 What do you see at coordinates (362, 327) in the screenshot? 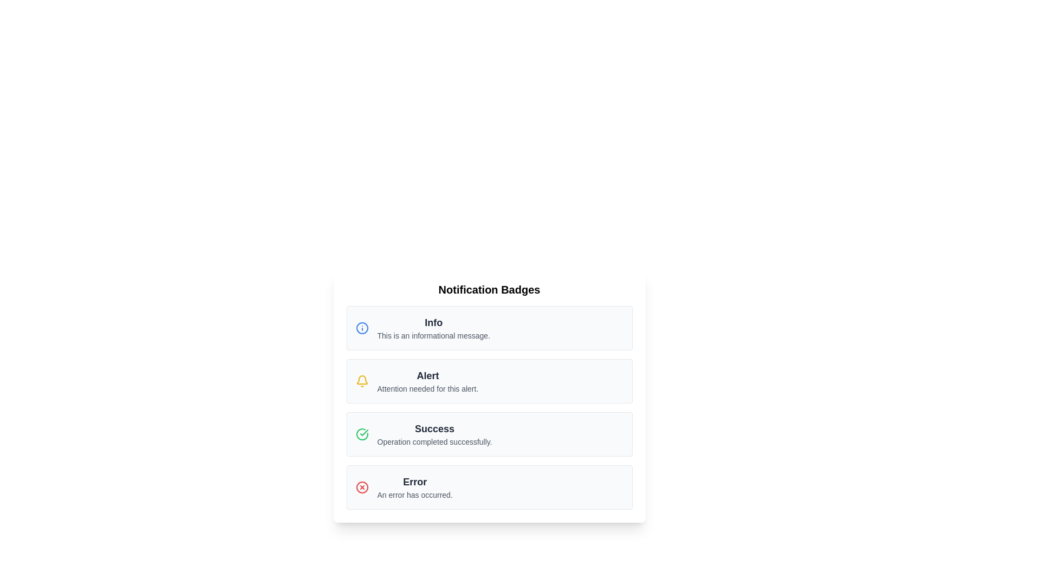
I see `the SVG Circle element with a blue border and white fill, located within the notification card labeled 'Info'` at bounding box center [362, 327].